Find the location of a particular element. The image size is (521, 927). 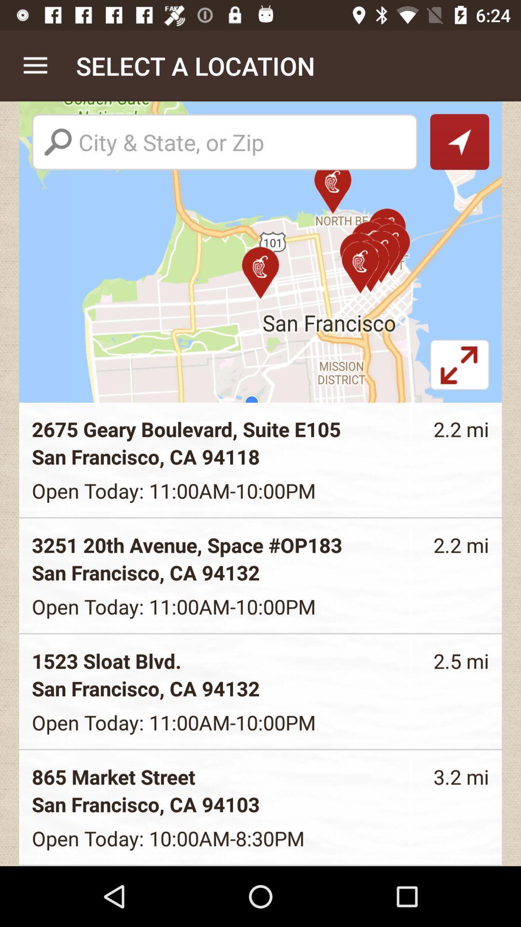

the send icon is located at coordinates (459, 141).